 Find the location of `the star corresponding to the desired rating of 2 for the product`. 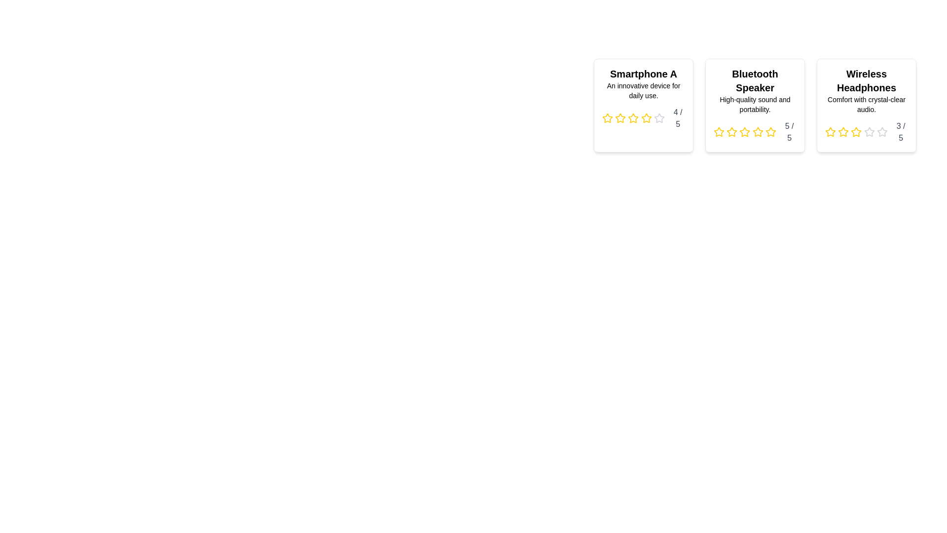

the star corresponding to the desired rating of 2 for the product is located at coordinates (620, 117).